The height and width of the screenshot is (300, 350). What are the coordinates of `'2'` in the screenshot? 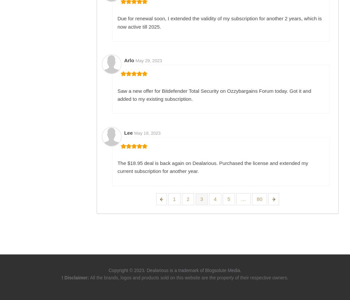 It's located at (187, 199).